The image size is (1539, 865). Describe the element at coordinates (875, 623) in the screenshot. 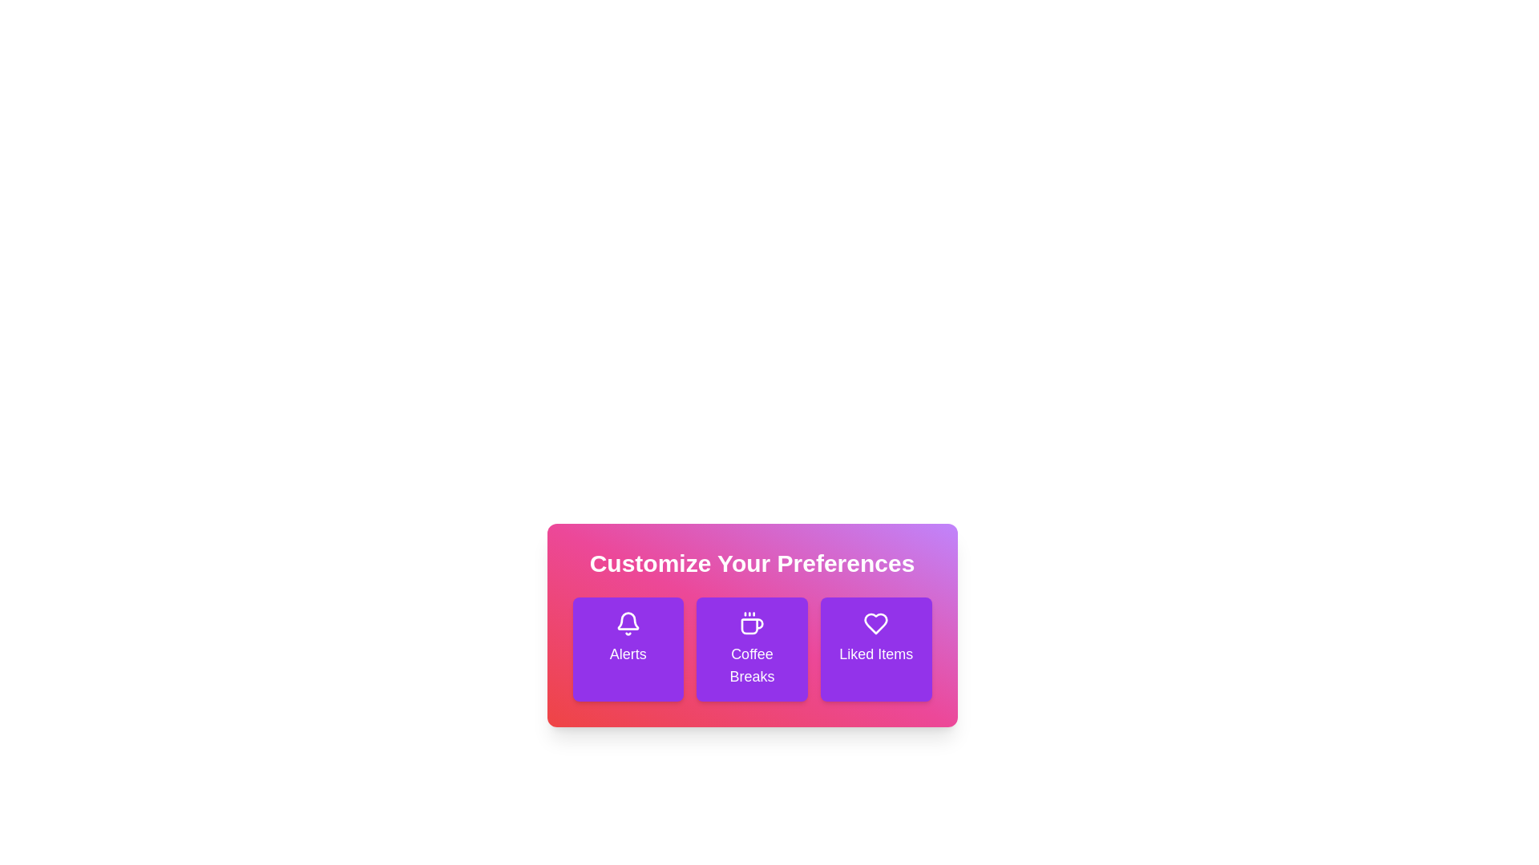

I see `the heart icon representing the 'Liked Items' feature to interact with it` at that location.